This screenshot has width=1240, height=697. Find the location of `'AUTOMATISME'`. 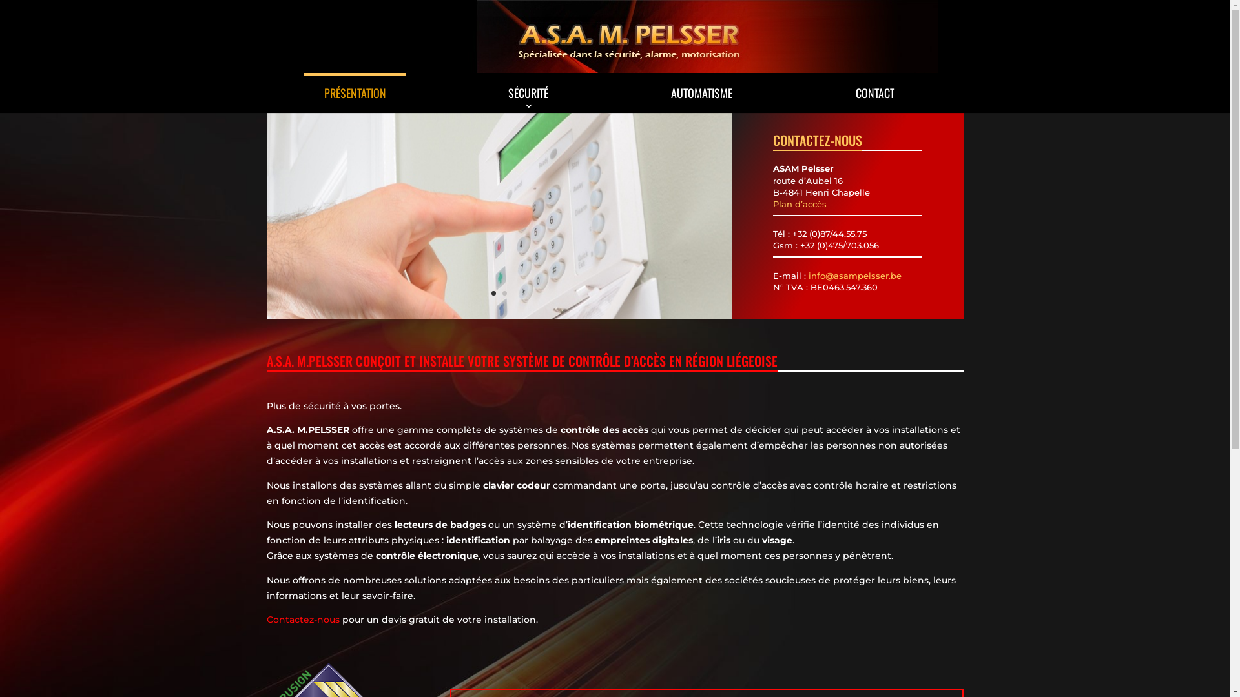

'AUTOMATISME' is located at coordinates (701, 92).